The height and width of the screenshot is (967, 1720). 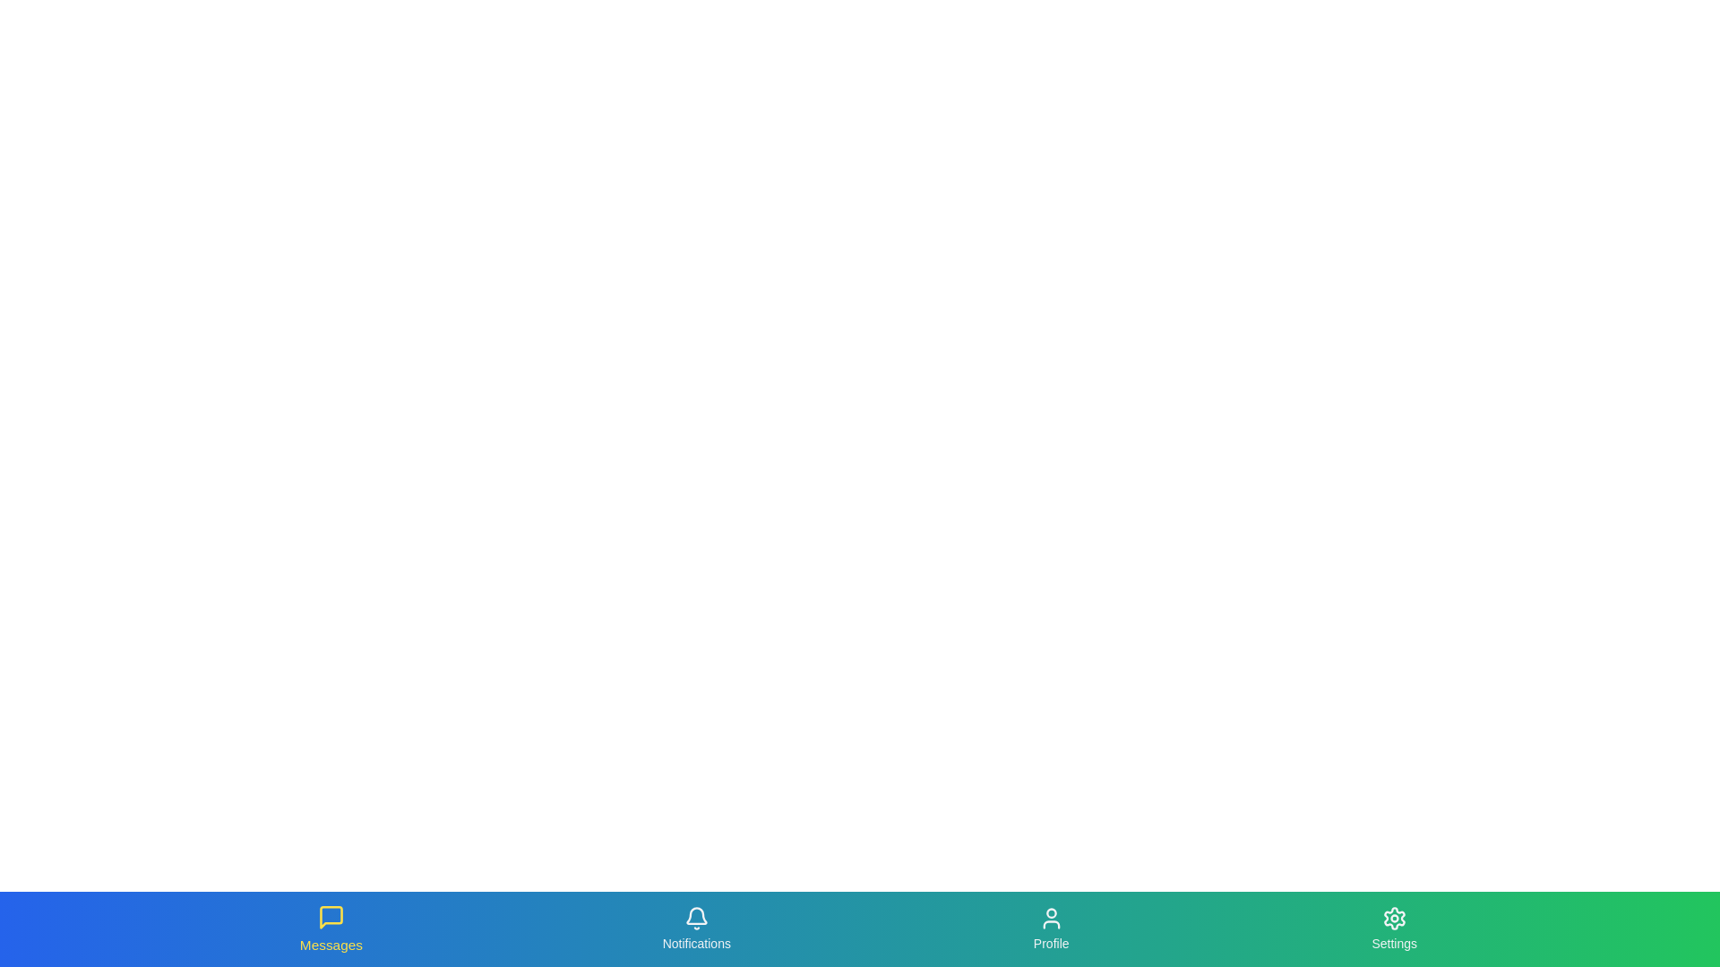 I want to click on the tab labeled Settings to navigate to its respective section, so click(x=1393, y=928).